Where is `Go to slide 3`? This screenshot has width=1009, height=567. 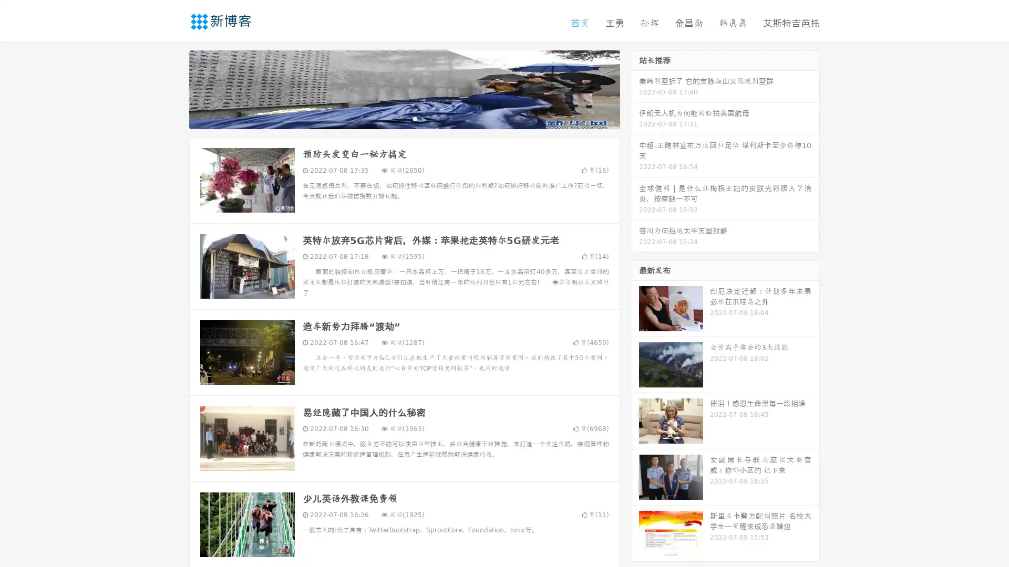
Go to slide 3 is located at coordinates (415, 118).